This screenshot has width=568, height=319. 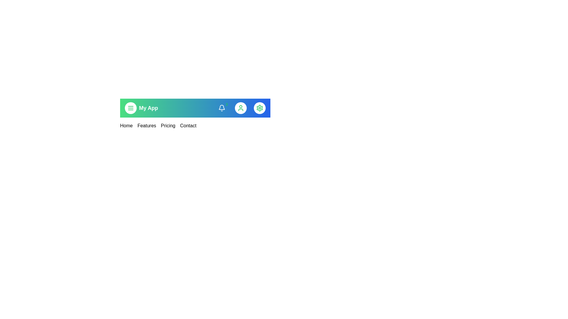 I want to click on the menu link corresponding to Home, so click(x=126, y=125).